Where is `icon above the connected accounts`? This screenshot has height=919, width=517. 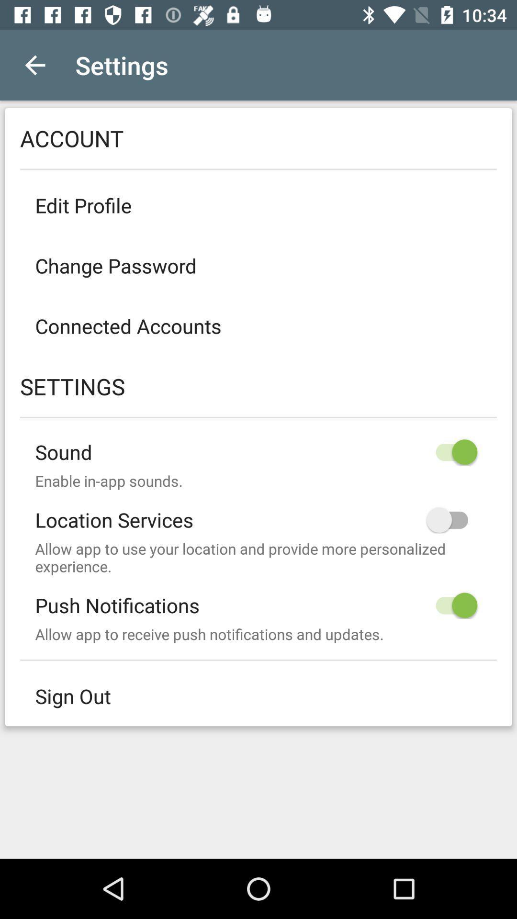 icon above the connected accounts is located at coordinates (258, 266).